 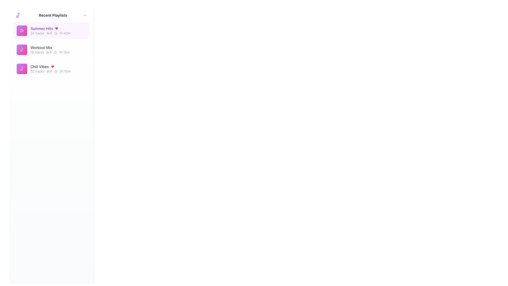 What do you see at coordinates (57, 29) in the screenshot?
I see `the heart icon located to the immediate right of the 'Summer Hits' text in the 'Recent Playlists' section to mark it as a favorite` at bounding box center [57, 29].